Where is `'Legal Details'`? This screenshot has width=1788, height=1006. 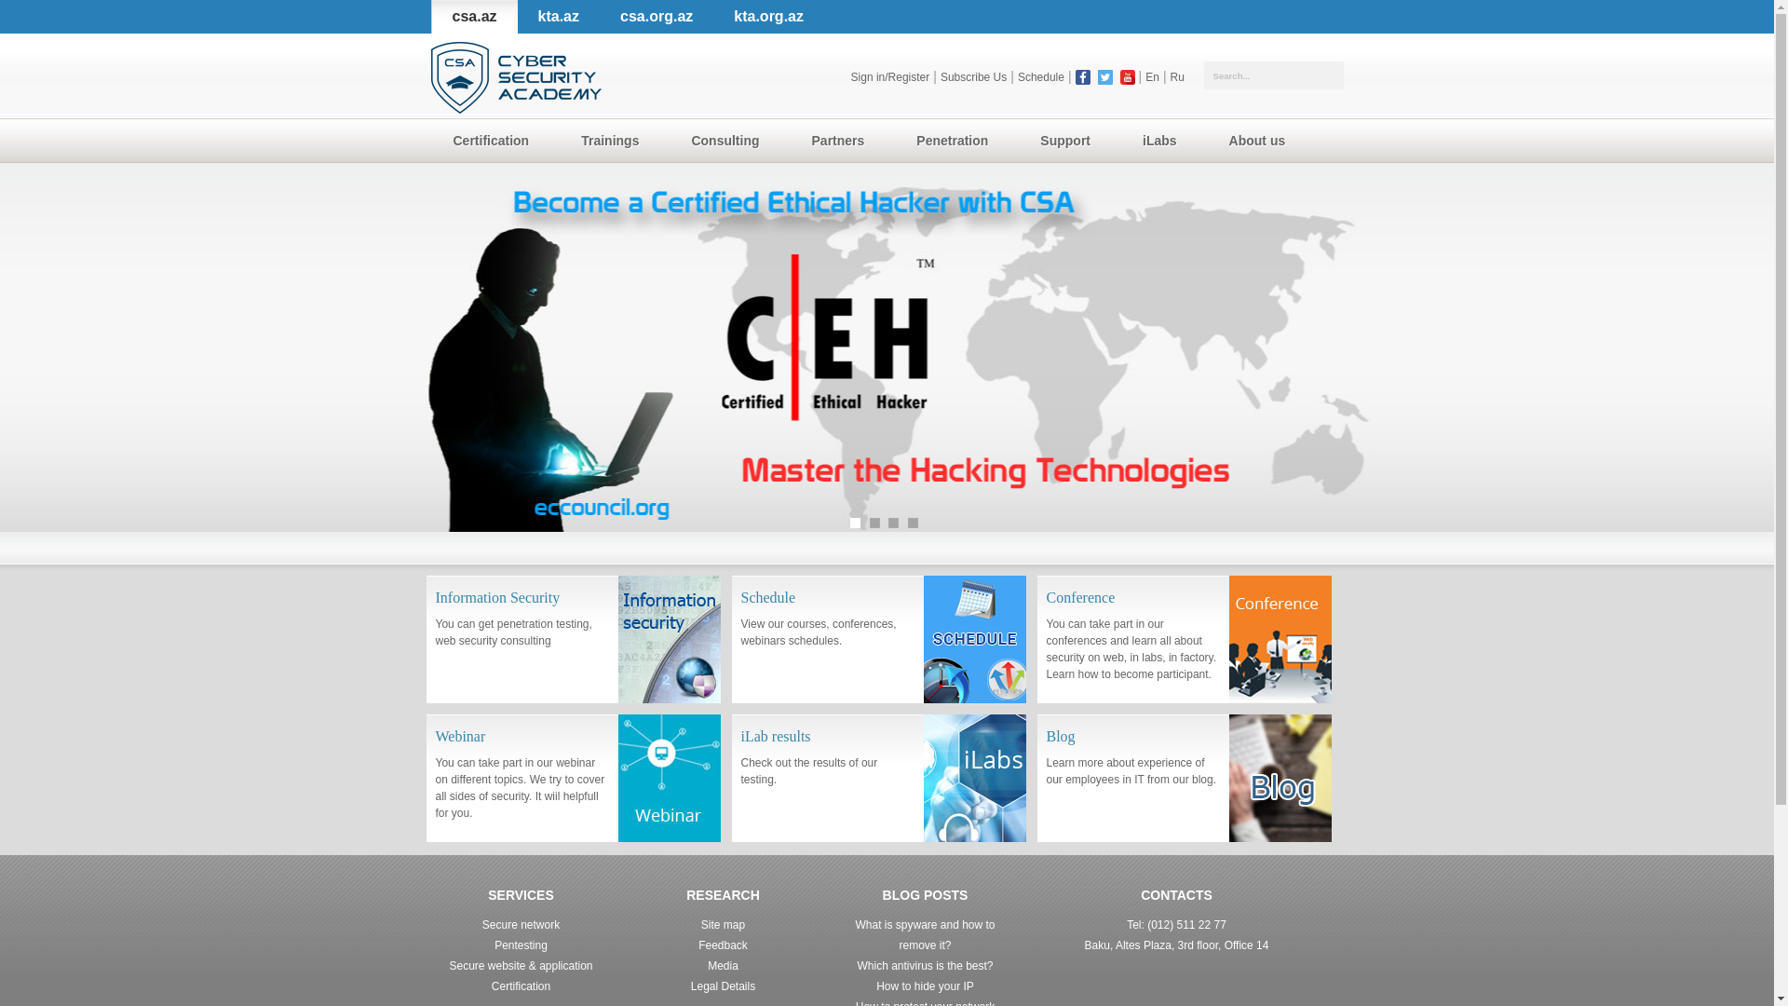 'Legal Details' is located at coordinates (722, 986).